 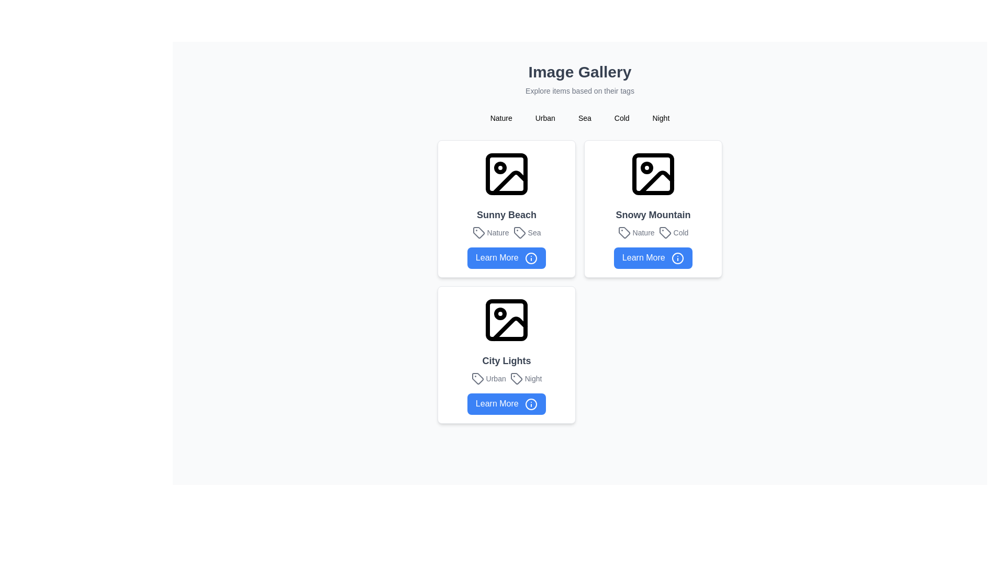 What do you see at coordinates (660, 118) in the screenshot?
I see `the 'Night' button, which is the fifth item in a row of buttons, to trigger its hover effects` at bounding box center [660, 118].